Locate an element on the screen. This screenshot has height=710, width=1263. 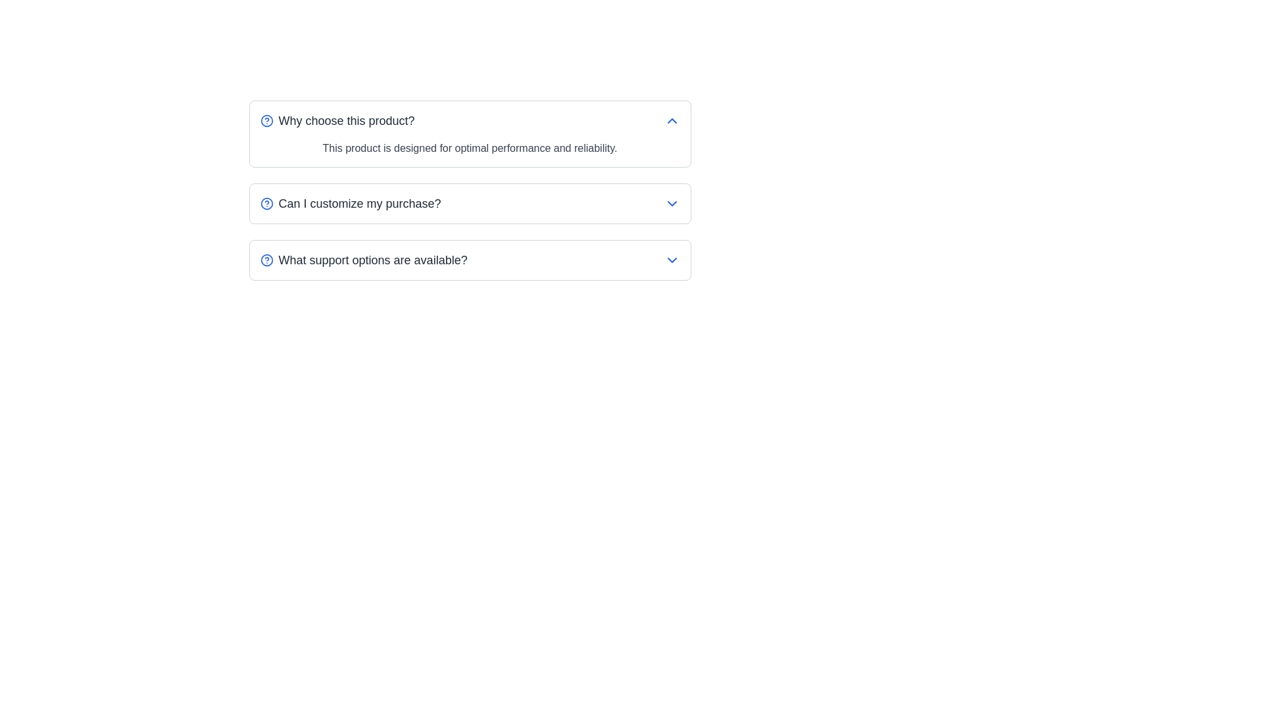
the second FAQ item titled 'Can I customize my purchase?' is located at coordinates (470, 203).